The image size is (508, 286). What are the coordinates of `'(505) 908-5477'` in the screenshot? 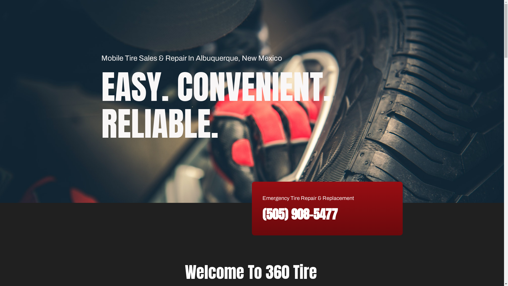 It's located at (300, 214).